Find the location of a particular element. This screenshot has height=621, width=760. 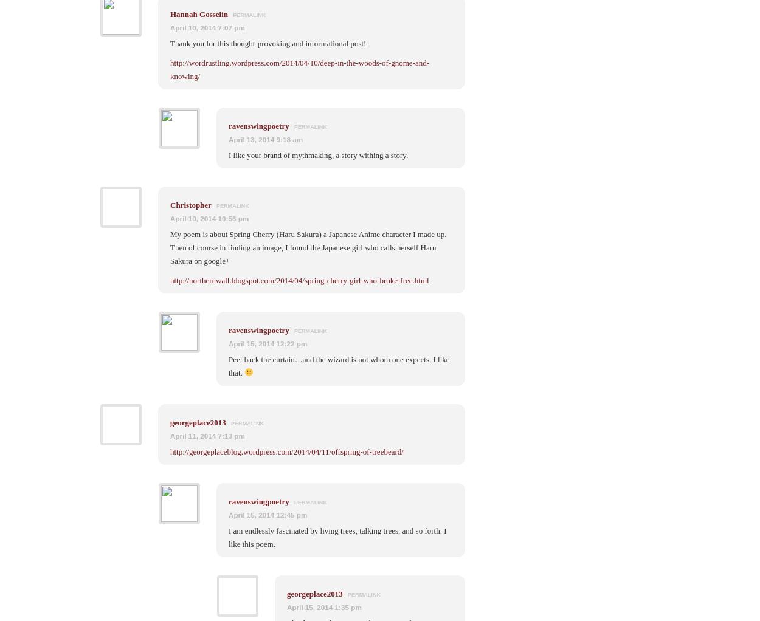

'Hannah Gosselin' is located at coordinates (198, 13).